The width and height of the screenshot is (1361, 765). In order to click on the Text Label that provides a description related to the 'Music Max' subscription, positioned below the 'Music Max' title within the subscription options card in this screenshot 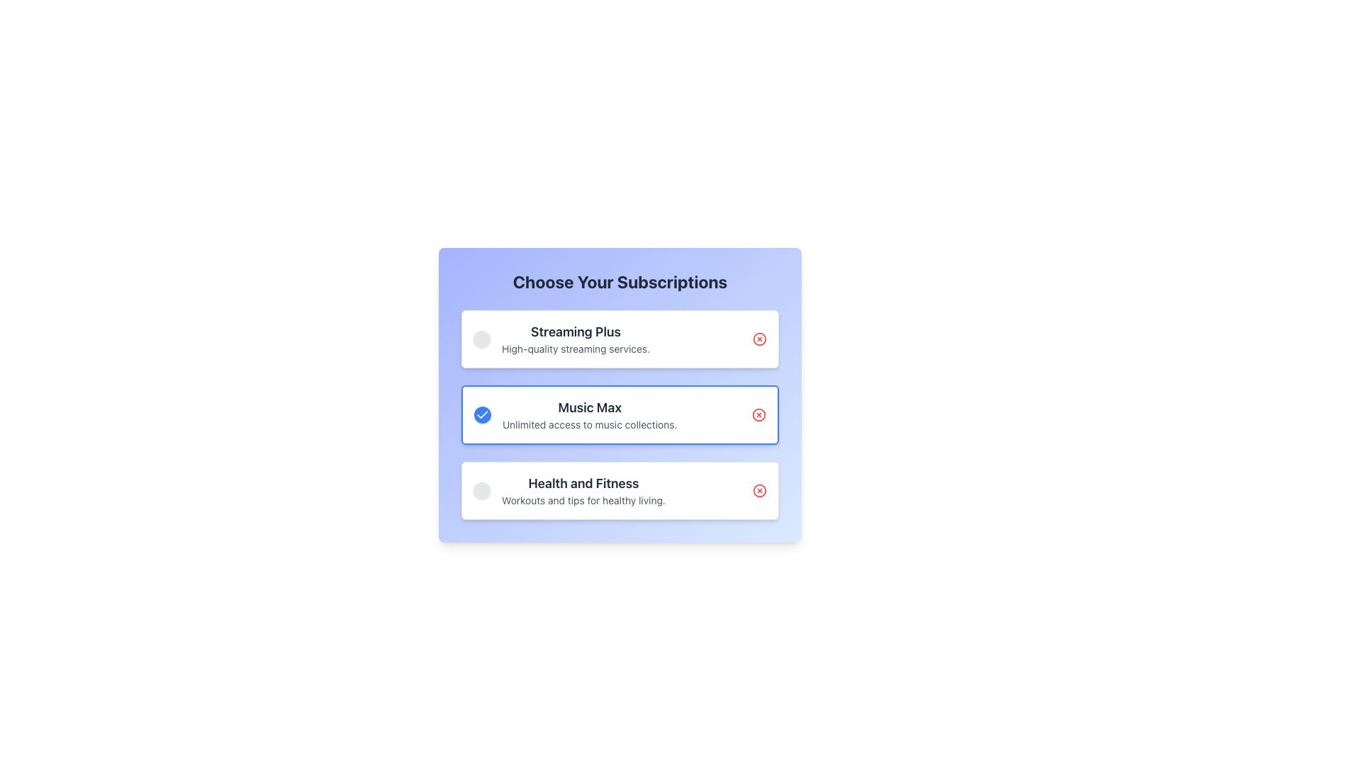, I will do `click(590, 424)`.